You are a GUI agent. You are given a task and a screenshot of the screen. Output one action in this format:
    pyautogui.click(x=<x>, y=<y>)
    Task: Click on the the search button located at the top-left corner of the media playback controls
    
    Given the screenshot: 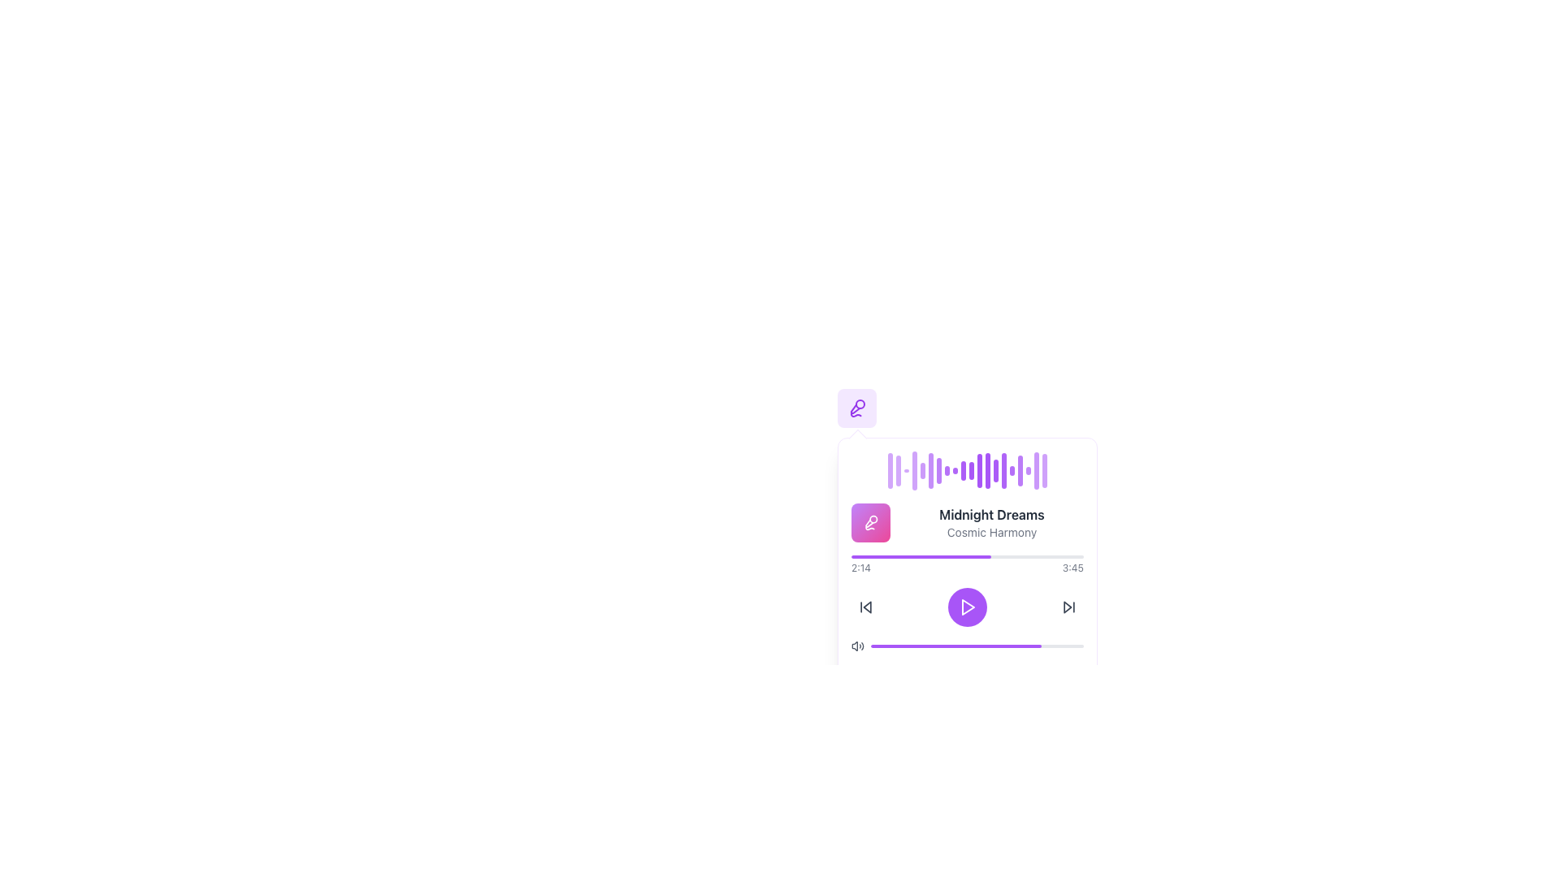 What is the action you would take?
    pyautogui.click(x=856, y=407)
    